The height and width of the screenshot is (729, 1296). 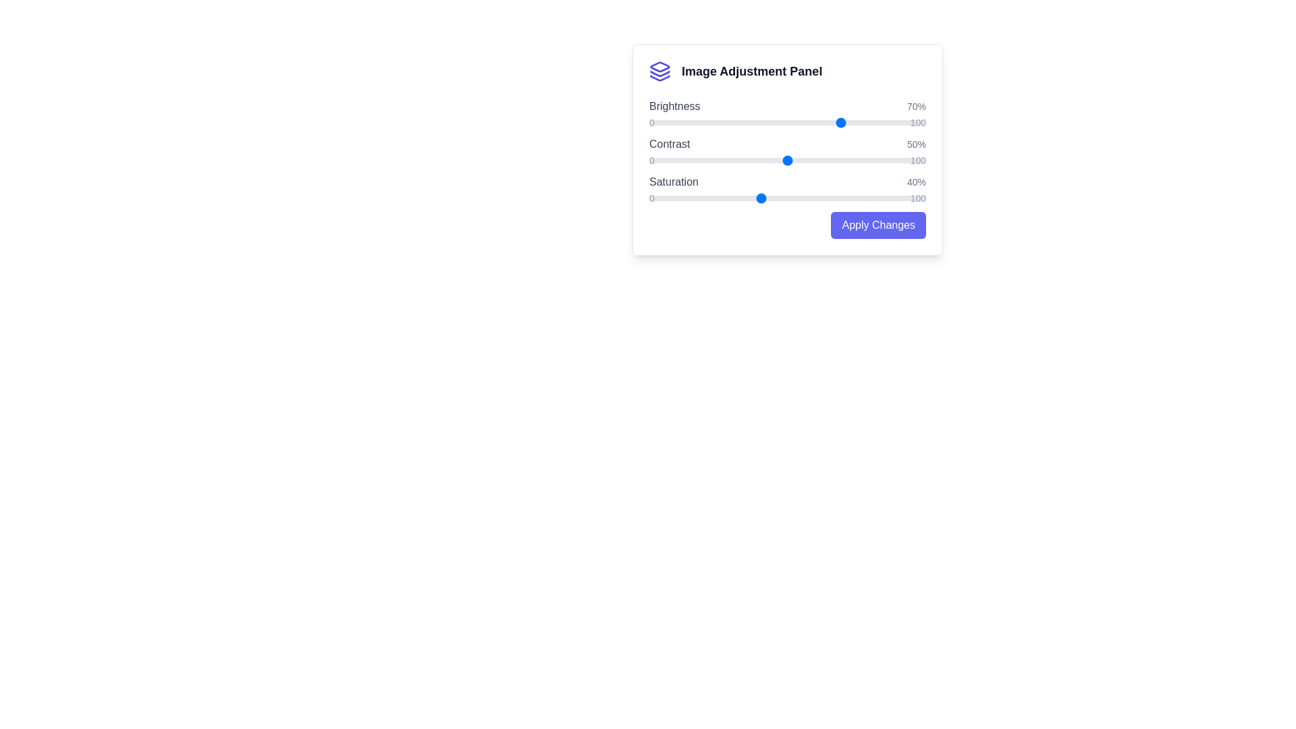 I want to click on the slider for saturation, so click(x=787, y=198).